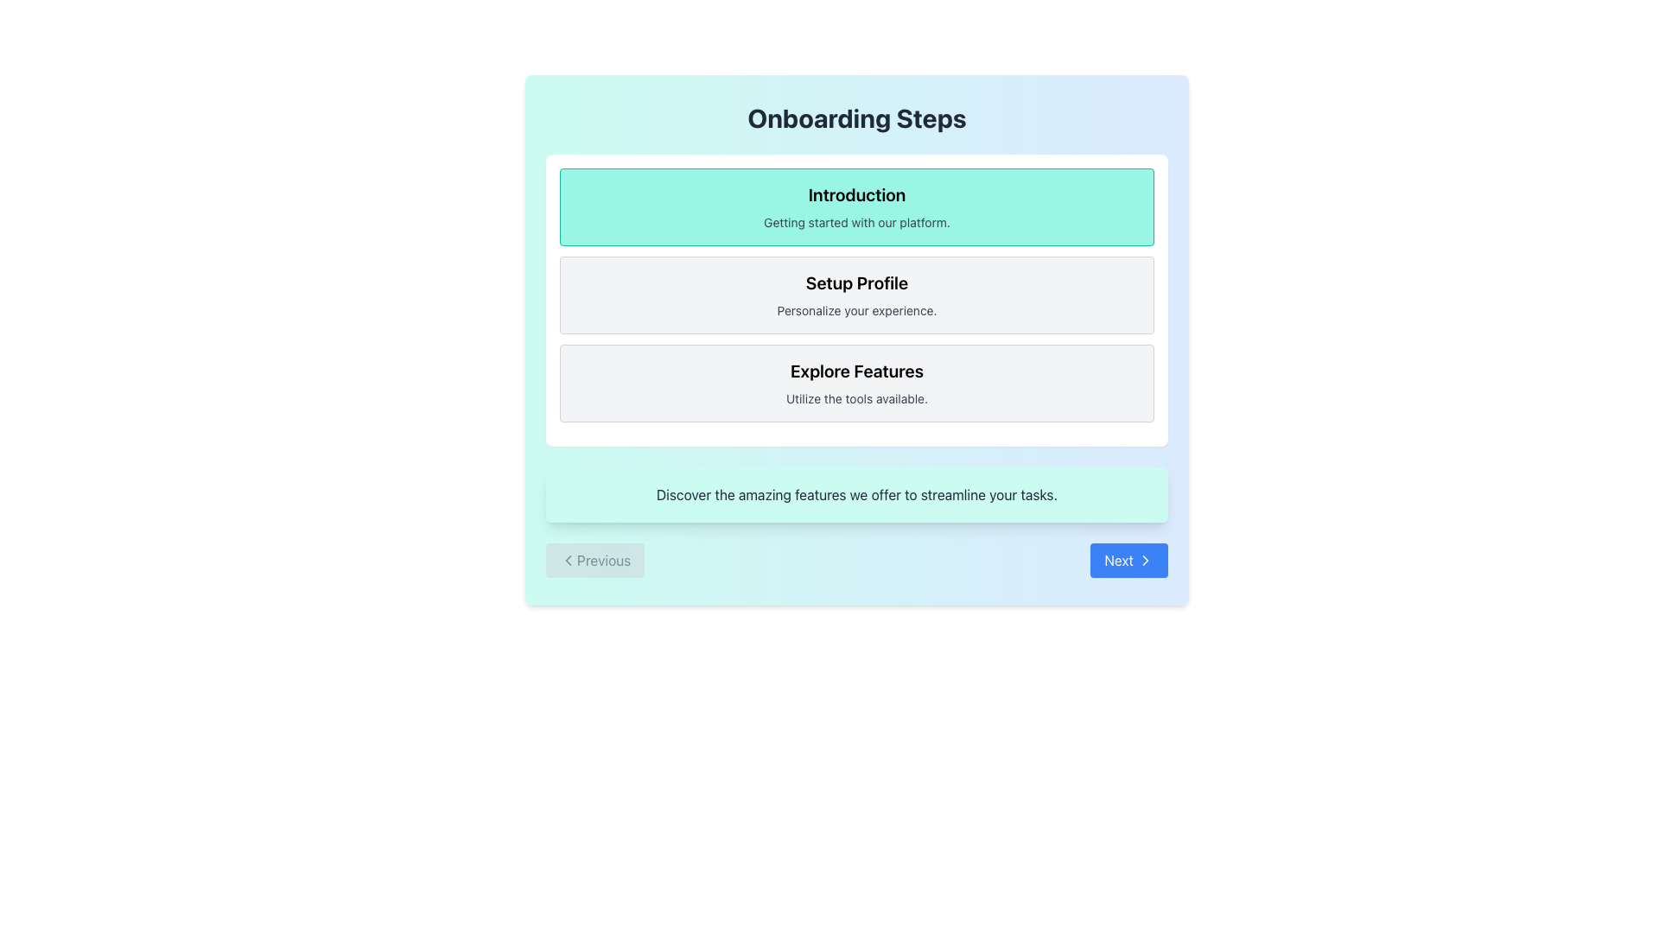 The height and width of the screenshot is (933, 1659). I want to click on the teal-colored text box that contains the text 'Discover the amazing features we offer to streamline your tasks.' which is located above the 'Previous' and 'Next' buttons, so click(857, 495).